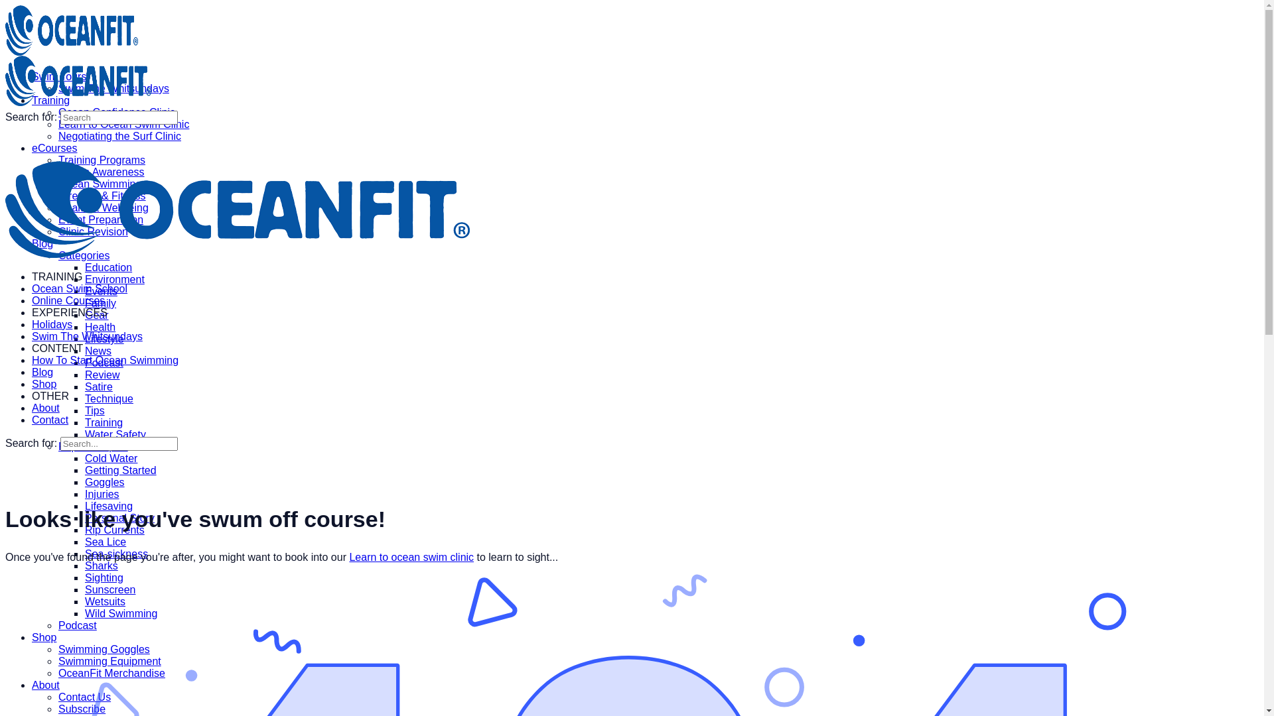 The image size is (1274, 716). I want to click on 'Sunscreen', so click(84, 589).